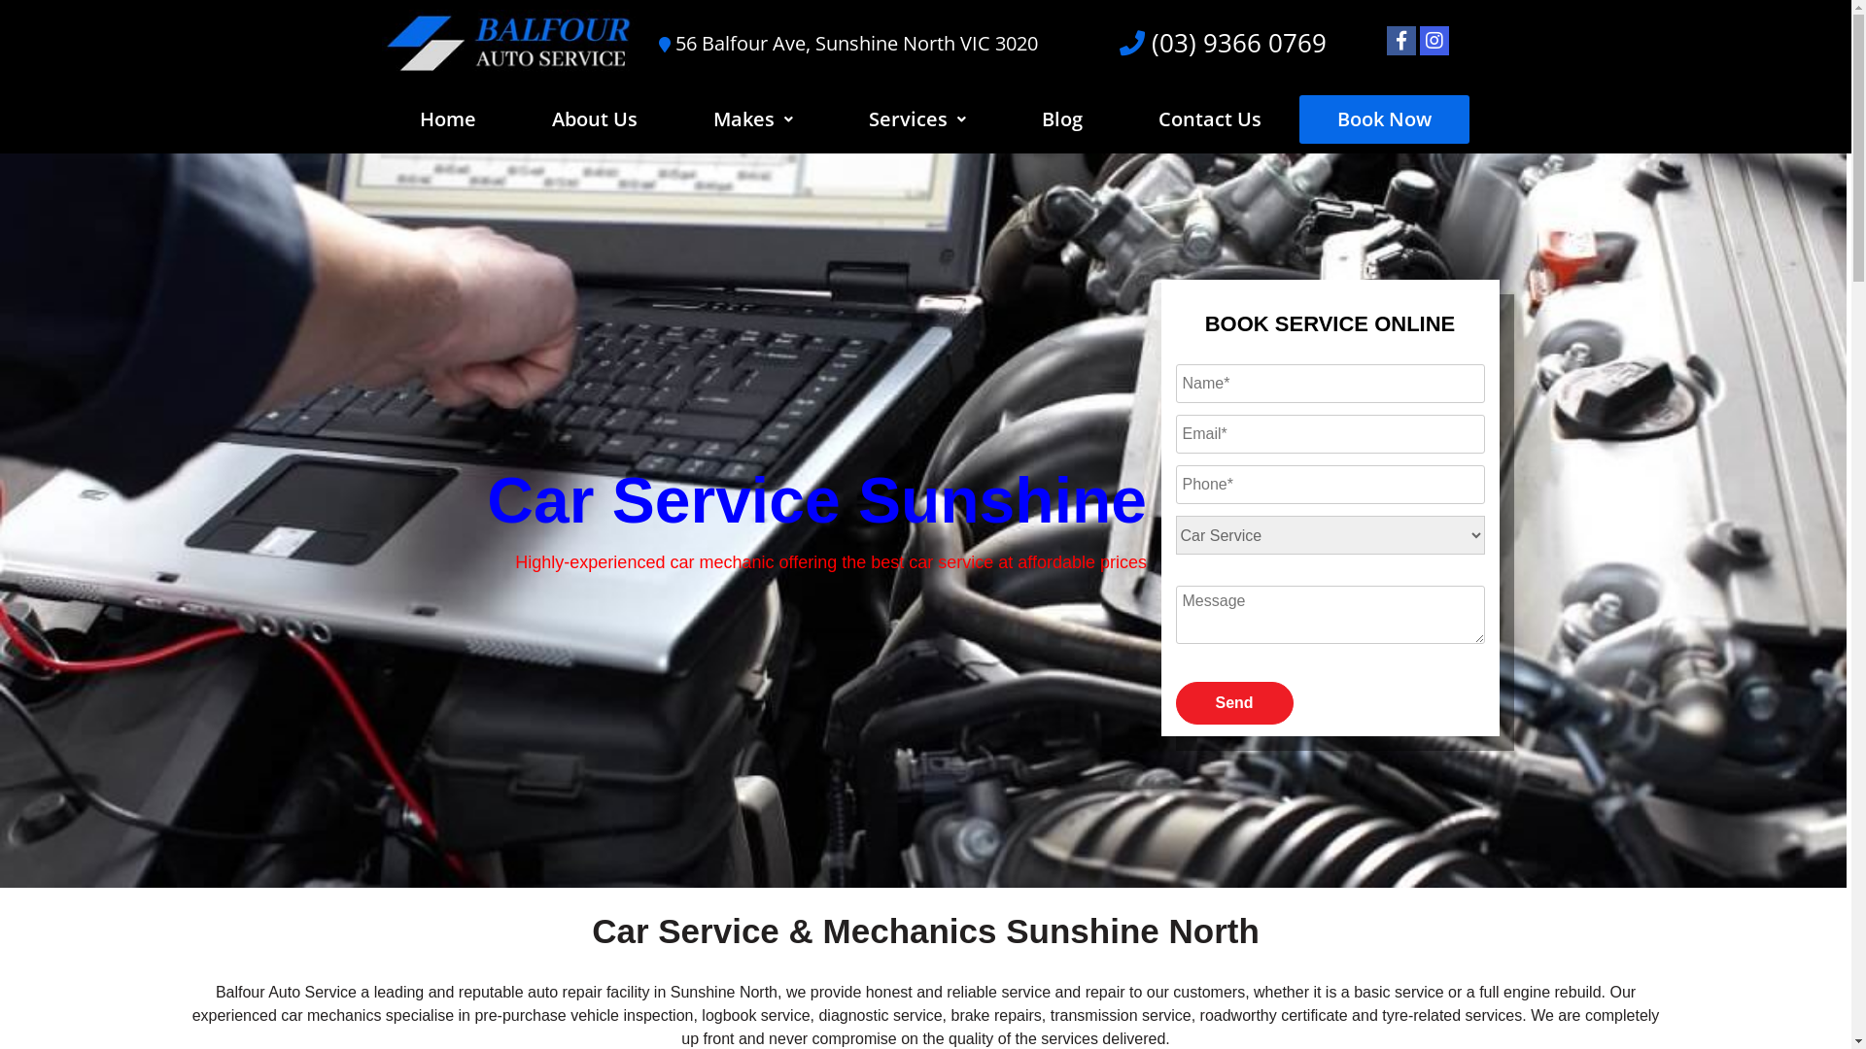 Image resolution: width=1866 pixels, height=1049 pixels. I want to click on 'Services', so click(916, 119).